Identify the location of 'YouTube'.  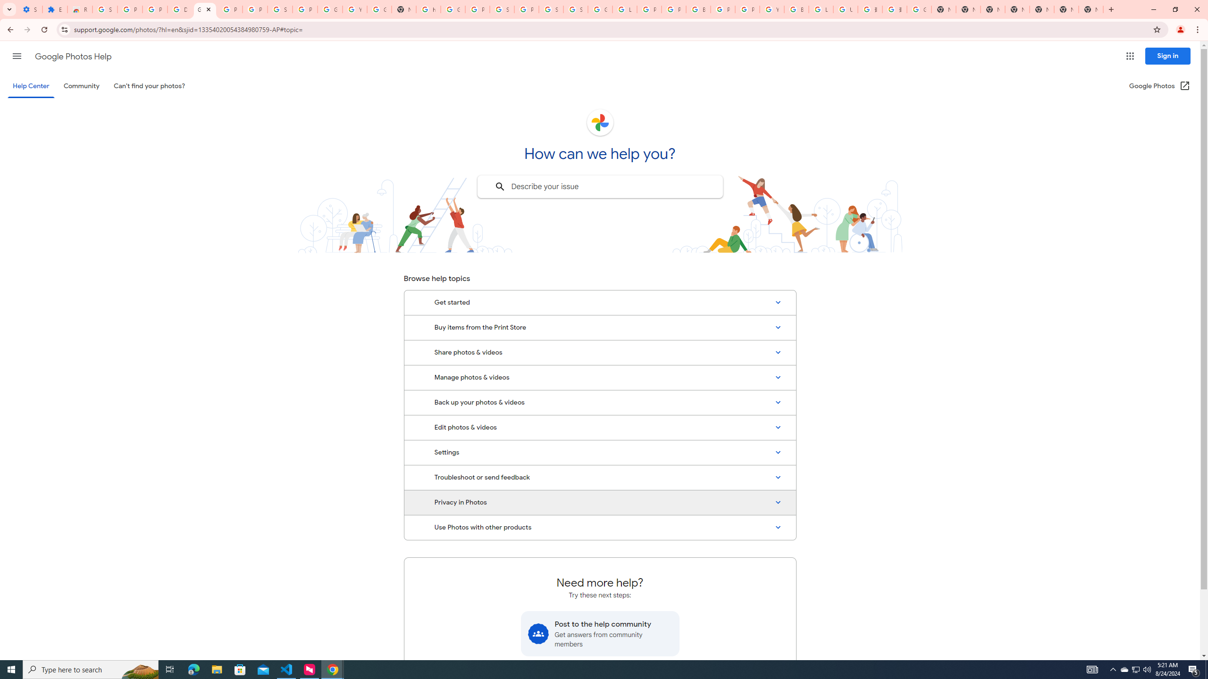
(771, 9).